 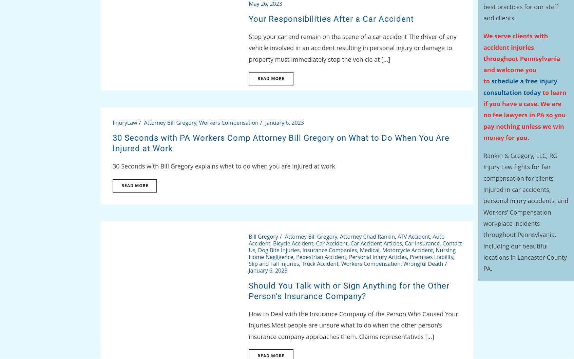 What do you see at coordinates (524, 114) in the screenshot?
I see `'to learn if you have a case. We are no fee lawyers in PA so you pay nothing unless we win money for you.'` at bounding box center [524, 114].